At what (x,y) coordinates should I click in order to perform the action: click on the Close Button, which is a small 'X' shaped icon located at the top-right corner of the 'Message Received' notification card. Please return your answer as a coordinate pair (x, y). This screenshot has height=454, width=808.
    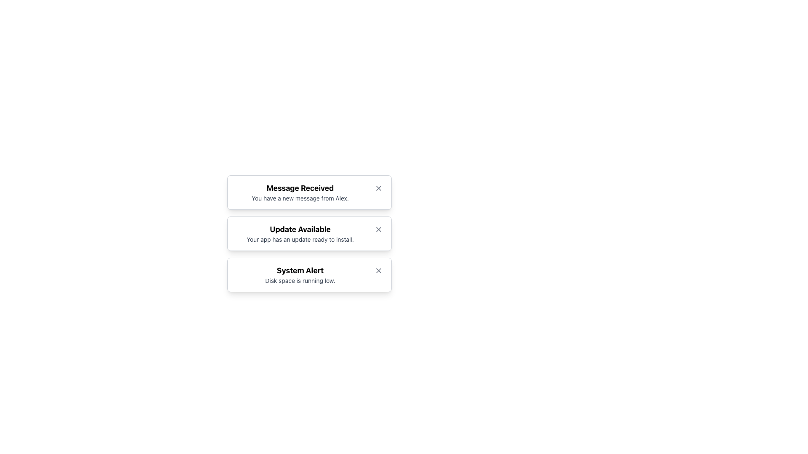
    Looking at the image, I should click on (378, 187).